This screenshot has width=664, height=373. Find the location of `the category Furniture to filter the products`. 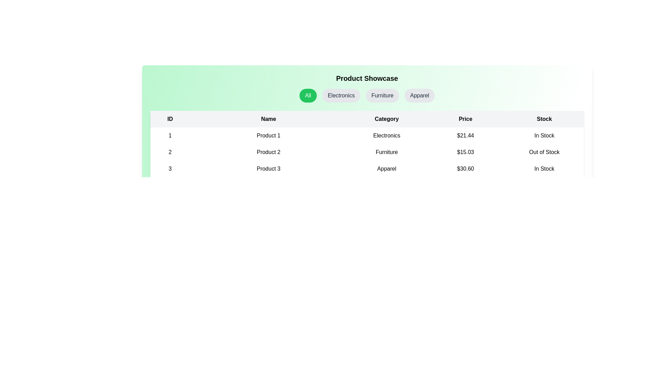

the category Furniture to filter the products is located at coordinates (382, 96).